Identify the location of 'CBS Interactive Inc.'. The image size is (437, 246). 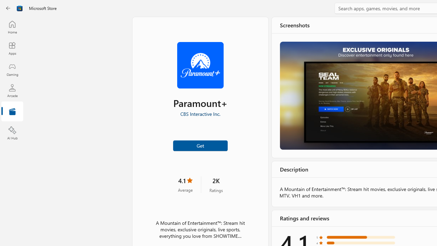
(200, 113).